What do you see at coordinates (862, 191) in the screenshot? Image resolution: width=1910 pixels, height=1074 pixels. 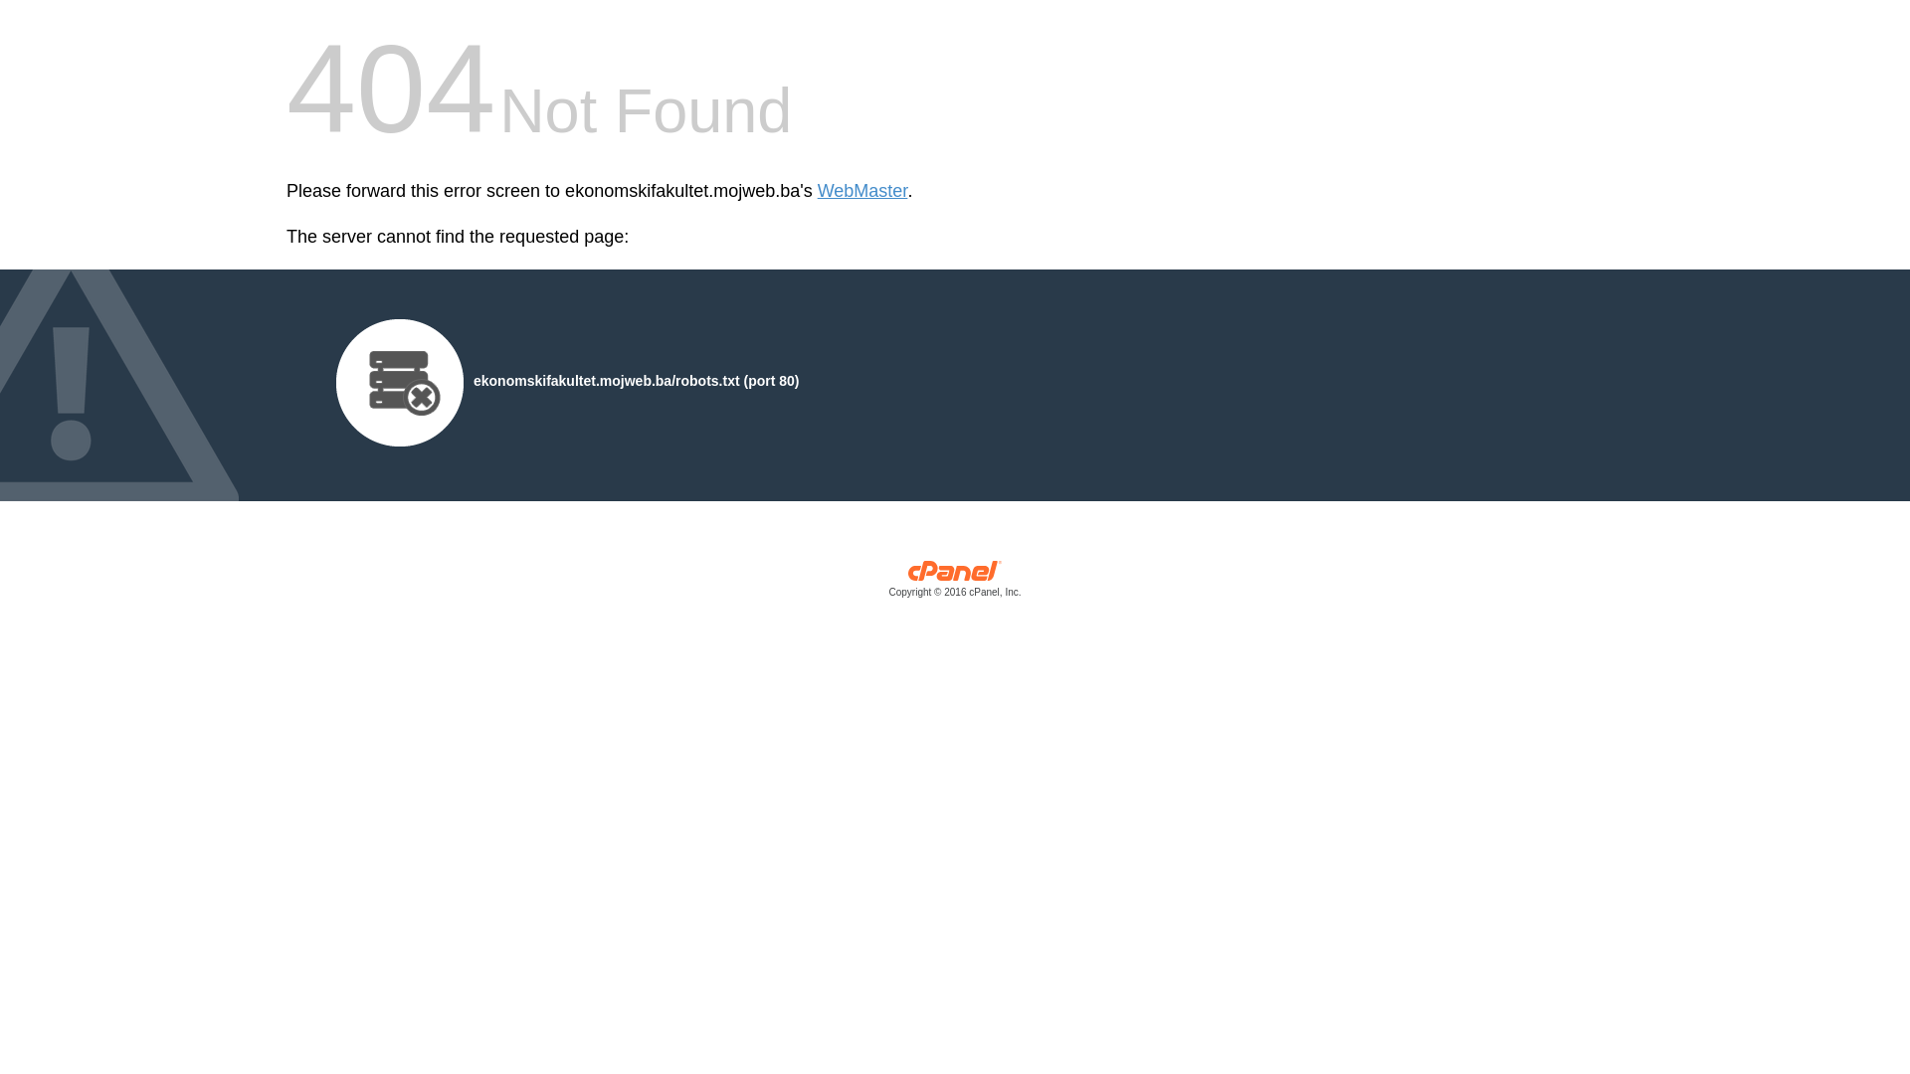 I see `'WebMaster'` at bounding box center [862, 191].